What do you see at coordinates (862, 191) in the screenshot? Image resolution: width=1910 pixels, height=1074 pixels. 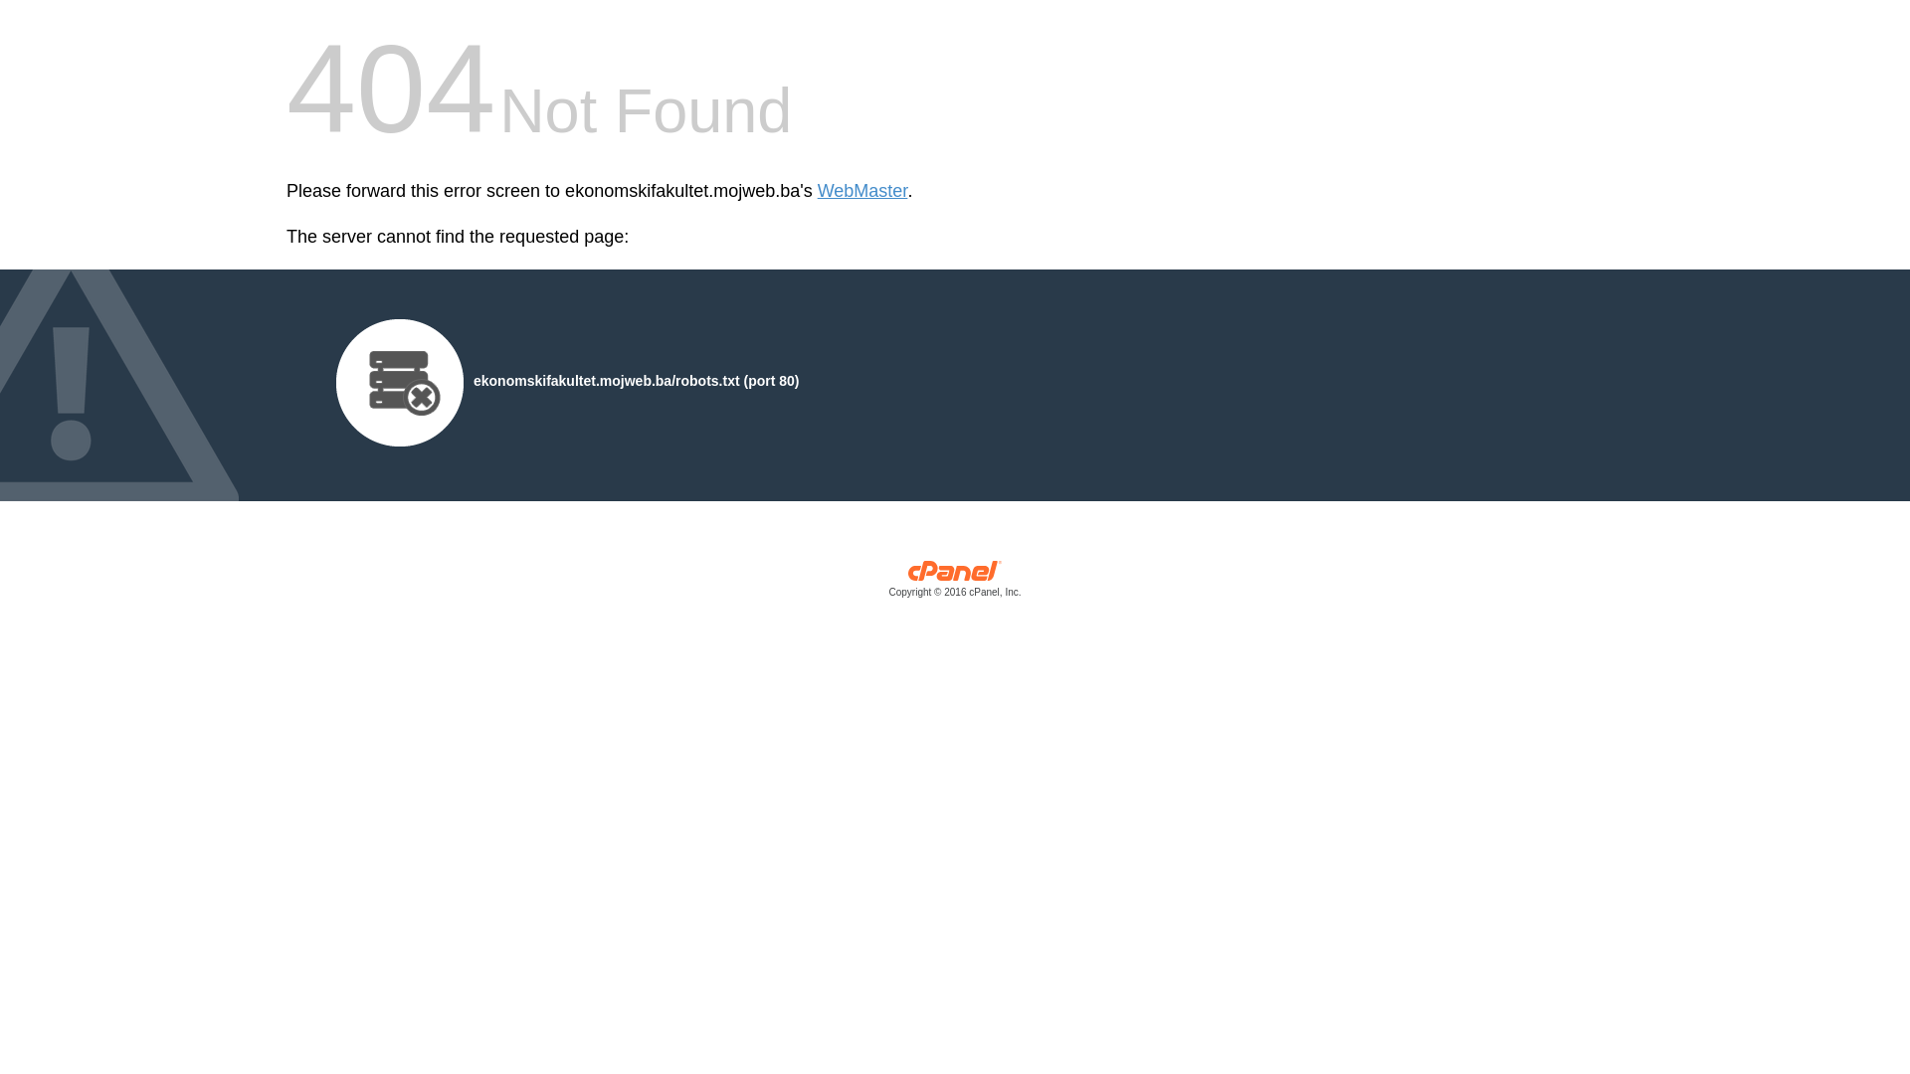 I see `'WebMaster'` at bounding box center [862, 191].